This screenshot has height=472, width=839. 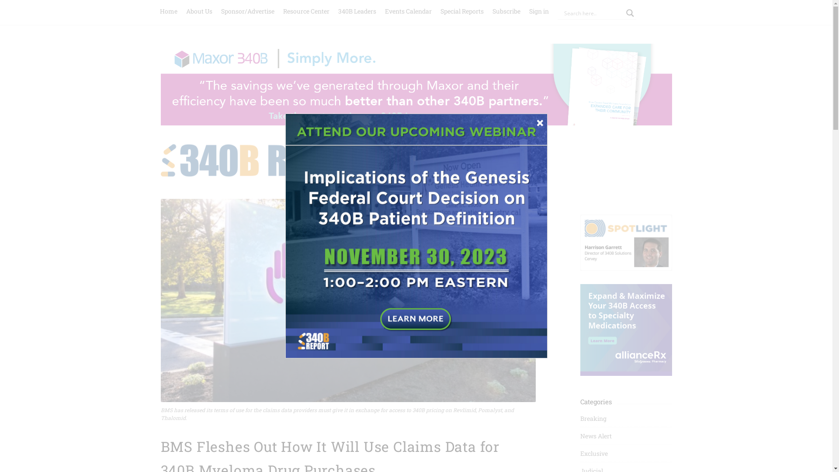 What do you see at coordinates (168, 10) in the screenshot?
I see `'Home'` at bounding box center [168, 10].